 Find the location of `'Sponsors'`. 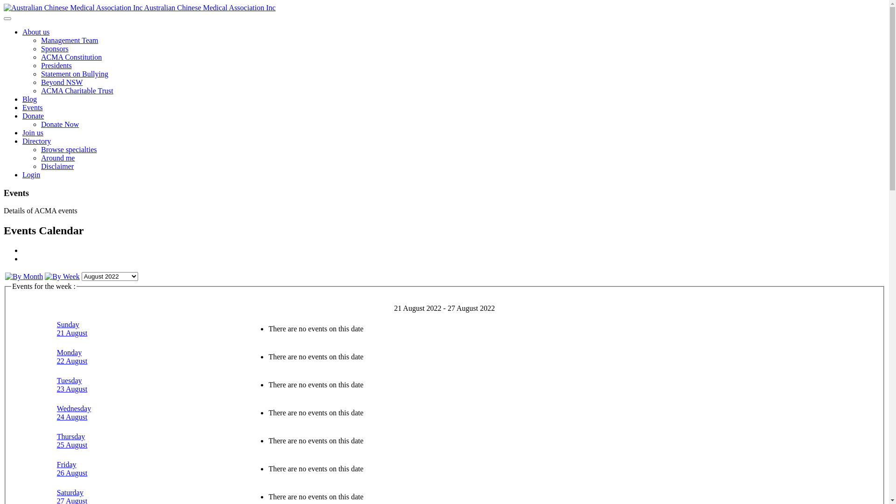

'Sponsors' is located at coordinates (54, 49).